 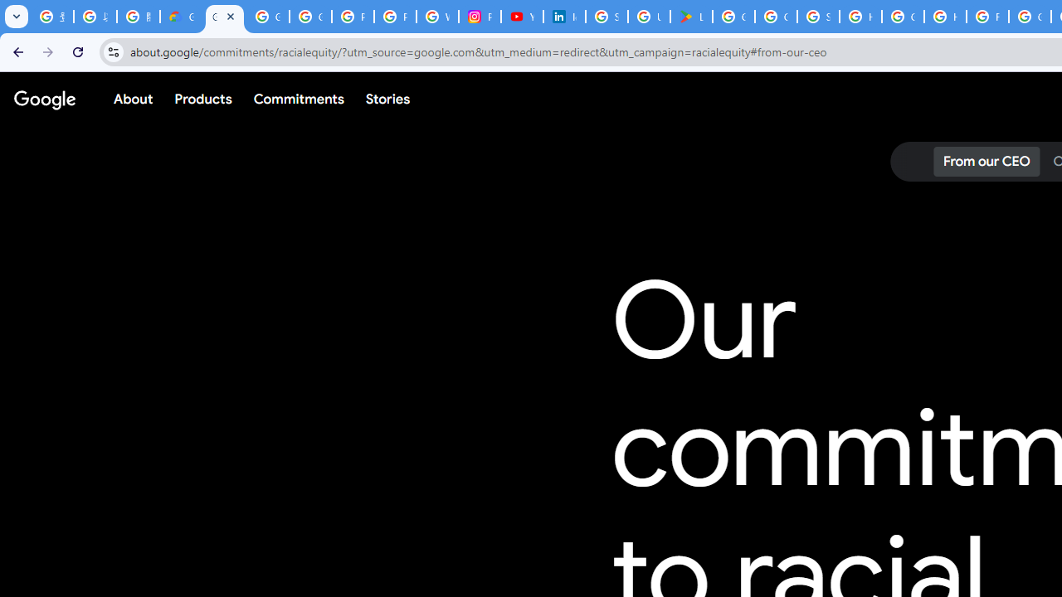 I want to click on 'Products', so click(x=202, y=99).